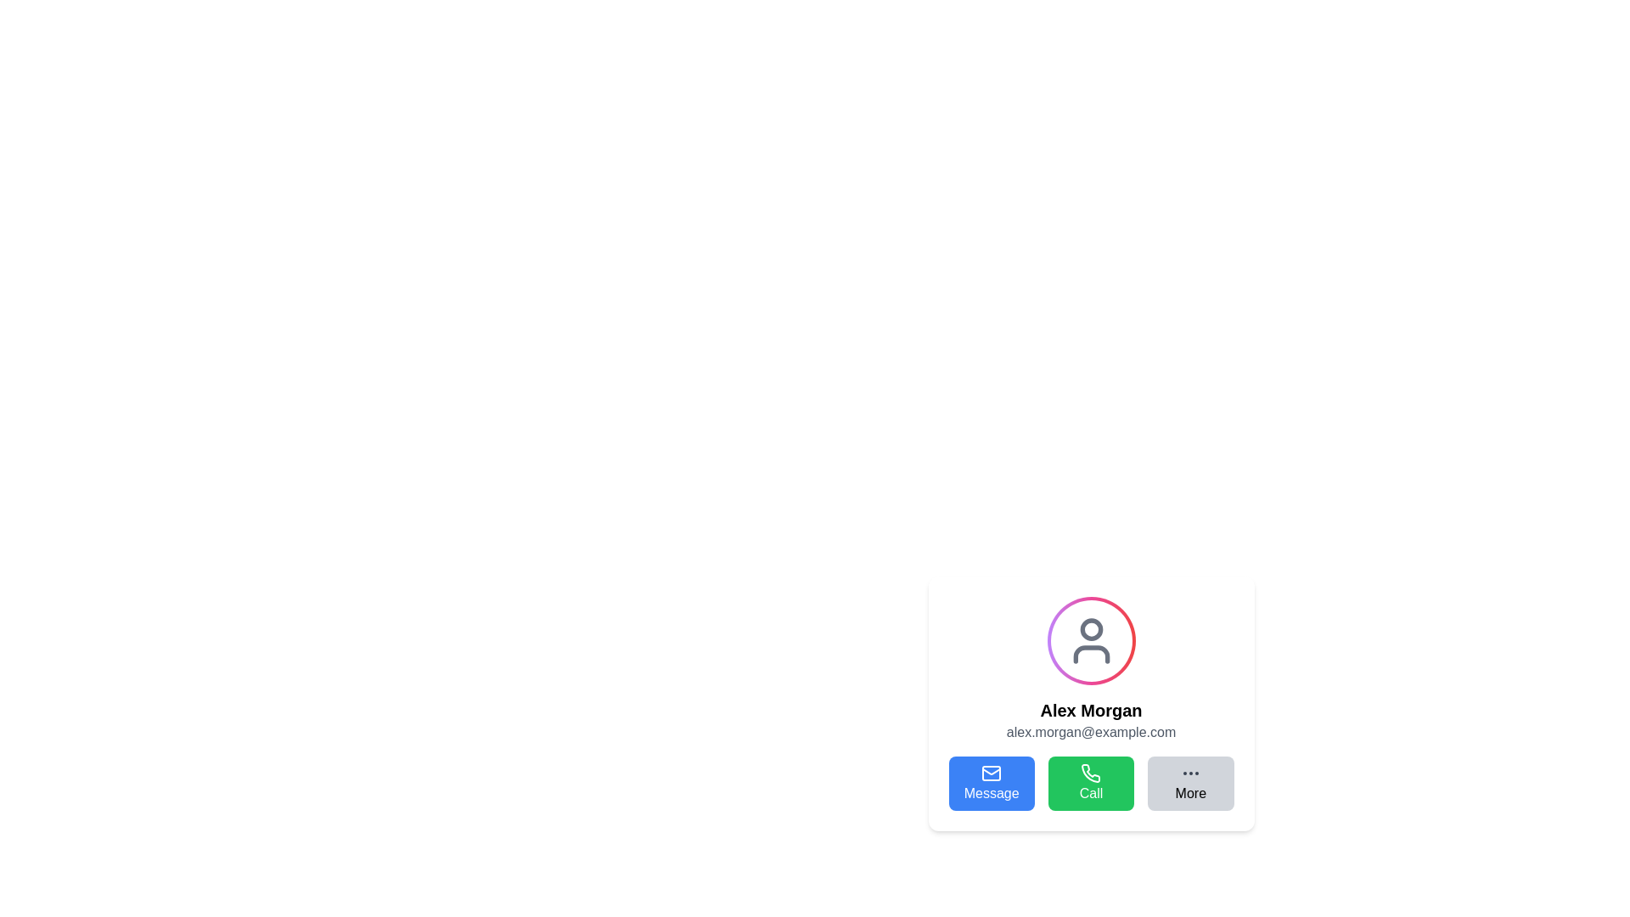  What do you see at coordinates (1189, 773) in the screenshot?
I see `the Ellipsis Icon located at the bottom-right of the profile card` at bounding box center [1189, 773].